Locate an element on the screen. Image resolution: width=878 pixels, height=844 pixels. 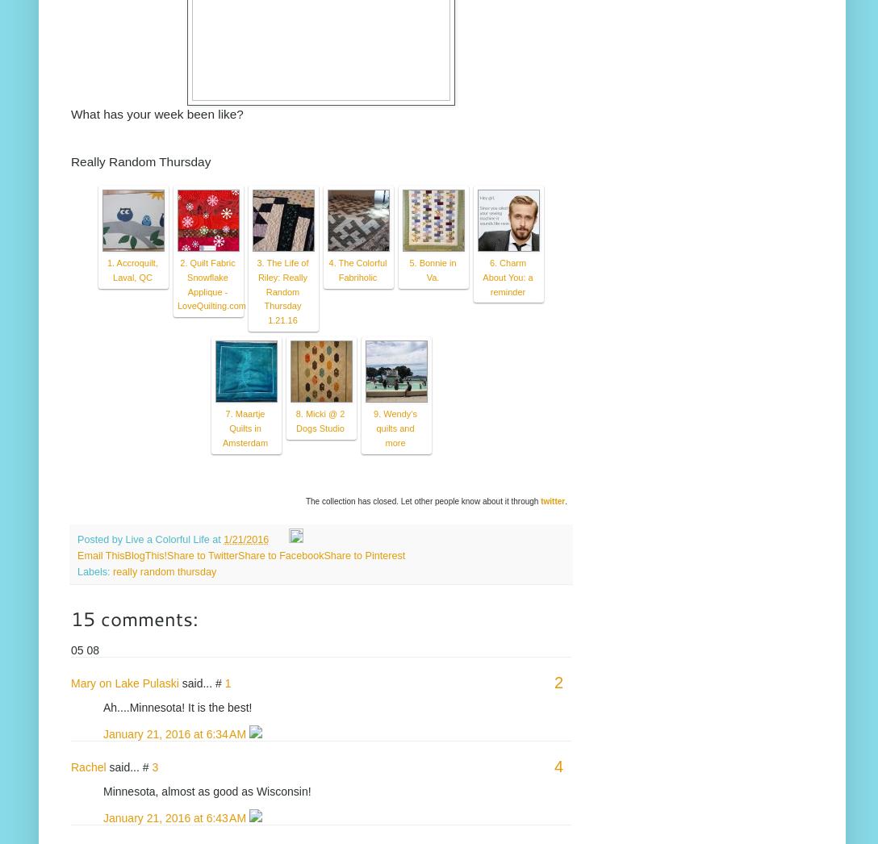
'Rachel' is located at coordinates (88, 765).